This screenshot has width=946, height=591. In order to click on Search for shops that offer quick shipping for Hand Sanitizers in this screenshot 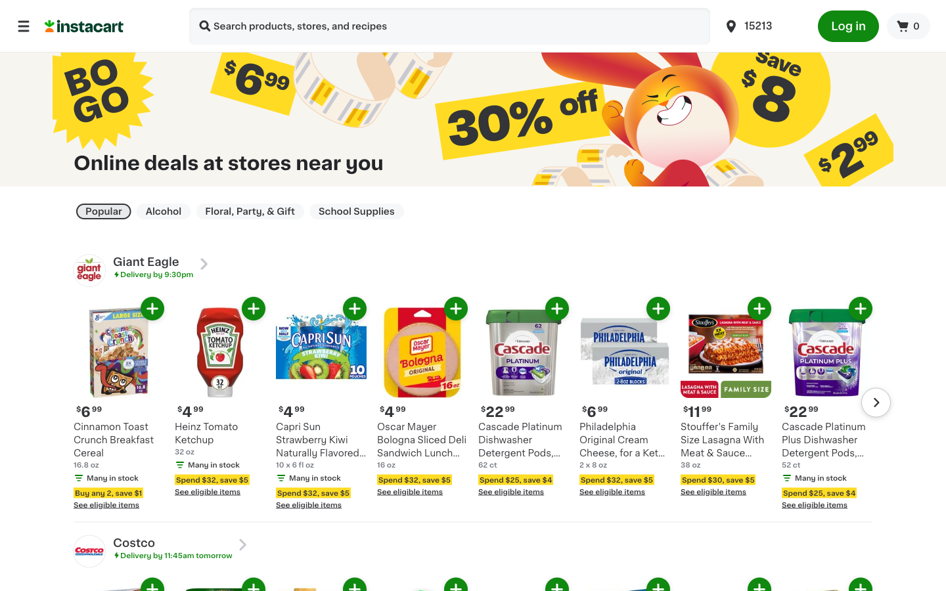, I will do `click(205, 27)`.